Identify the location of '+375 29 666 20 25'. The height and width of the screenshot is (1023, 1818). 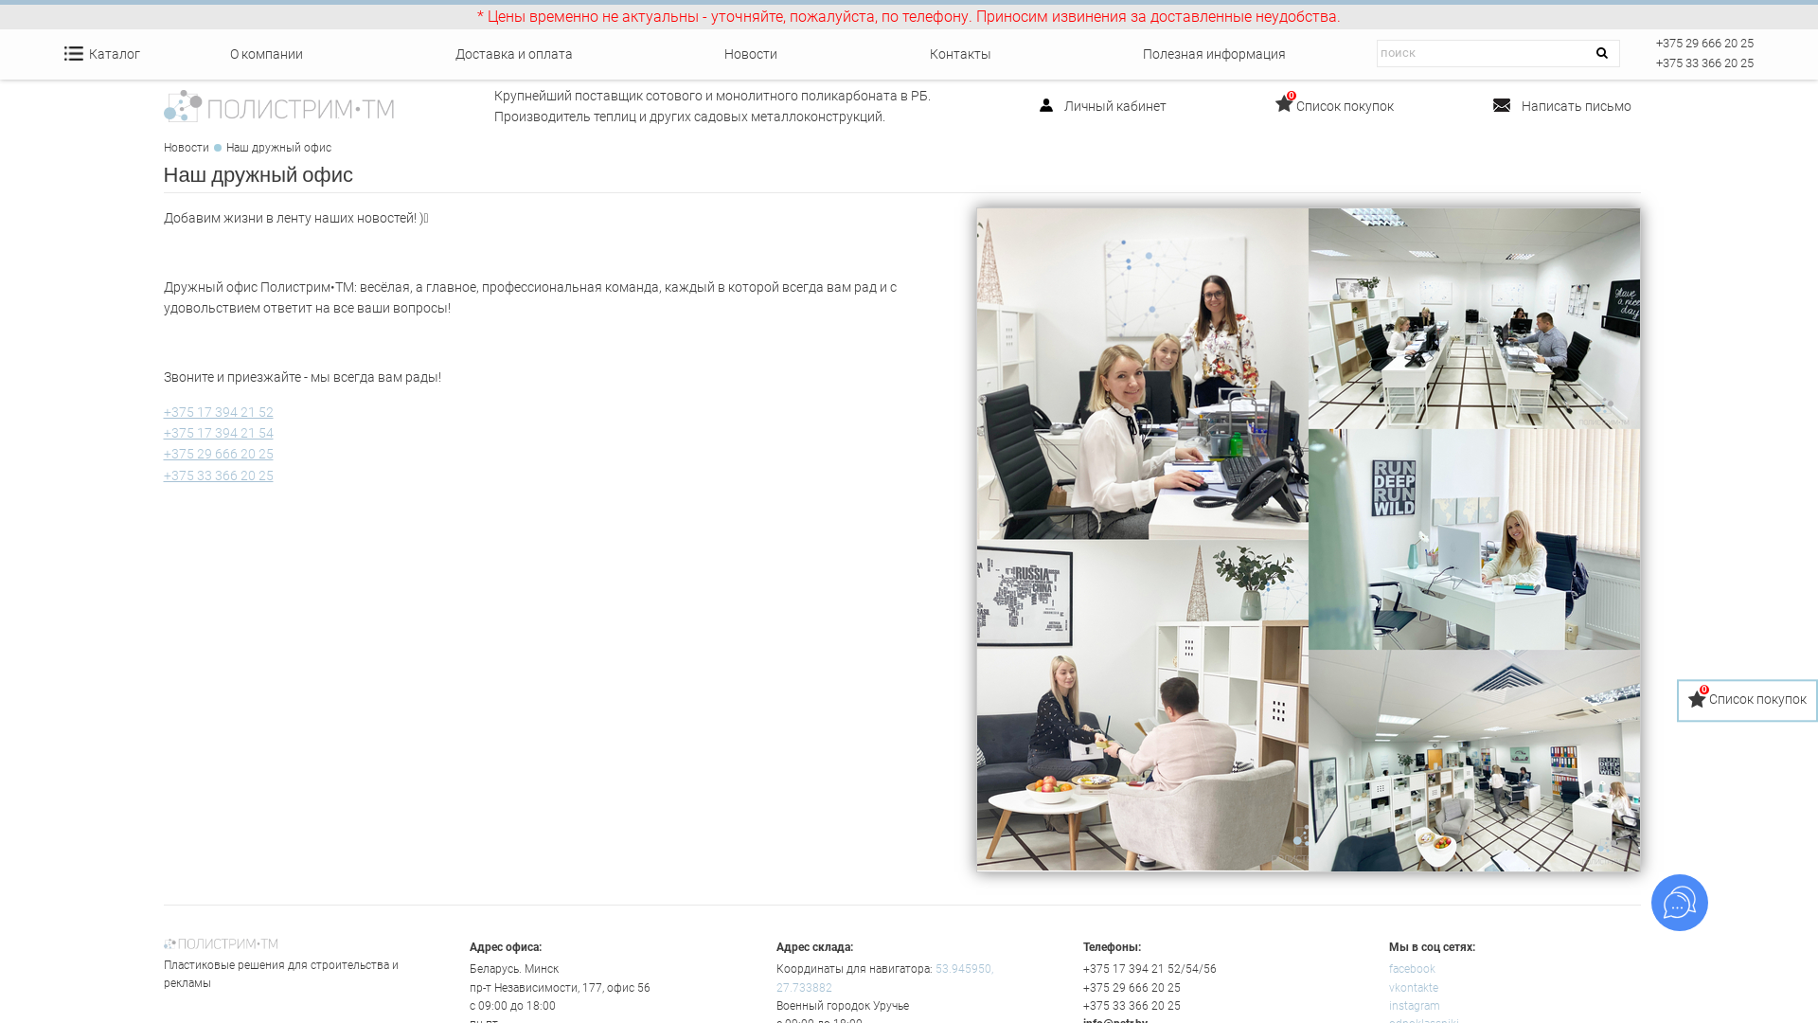
(218, 453).